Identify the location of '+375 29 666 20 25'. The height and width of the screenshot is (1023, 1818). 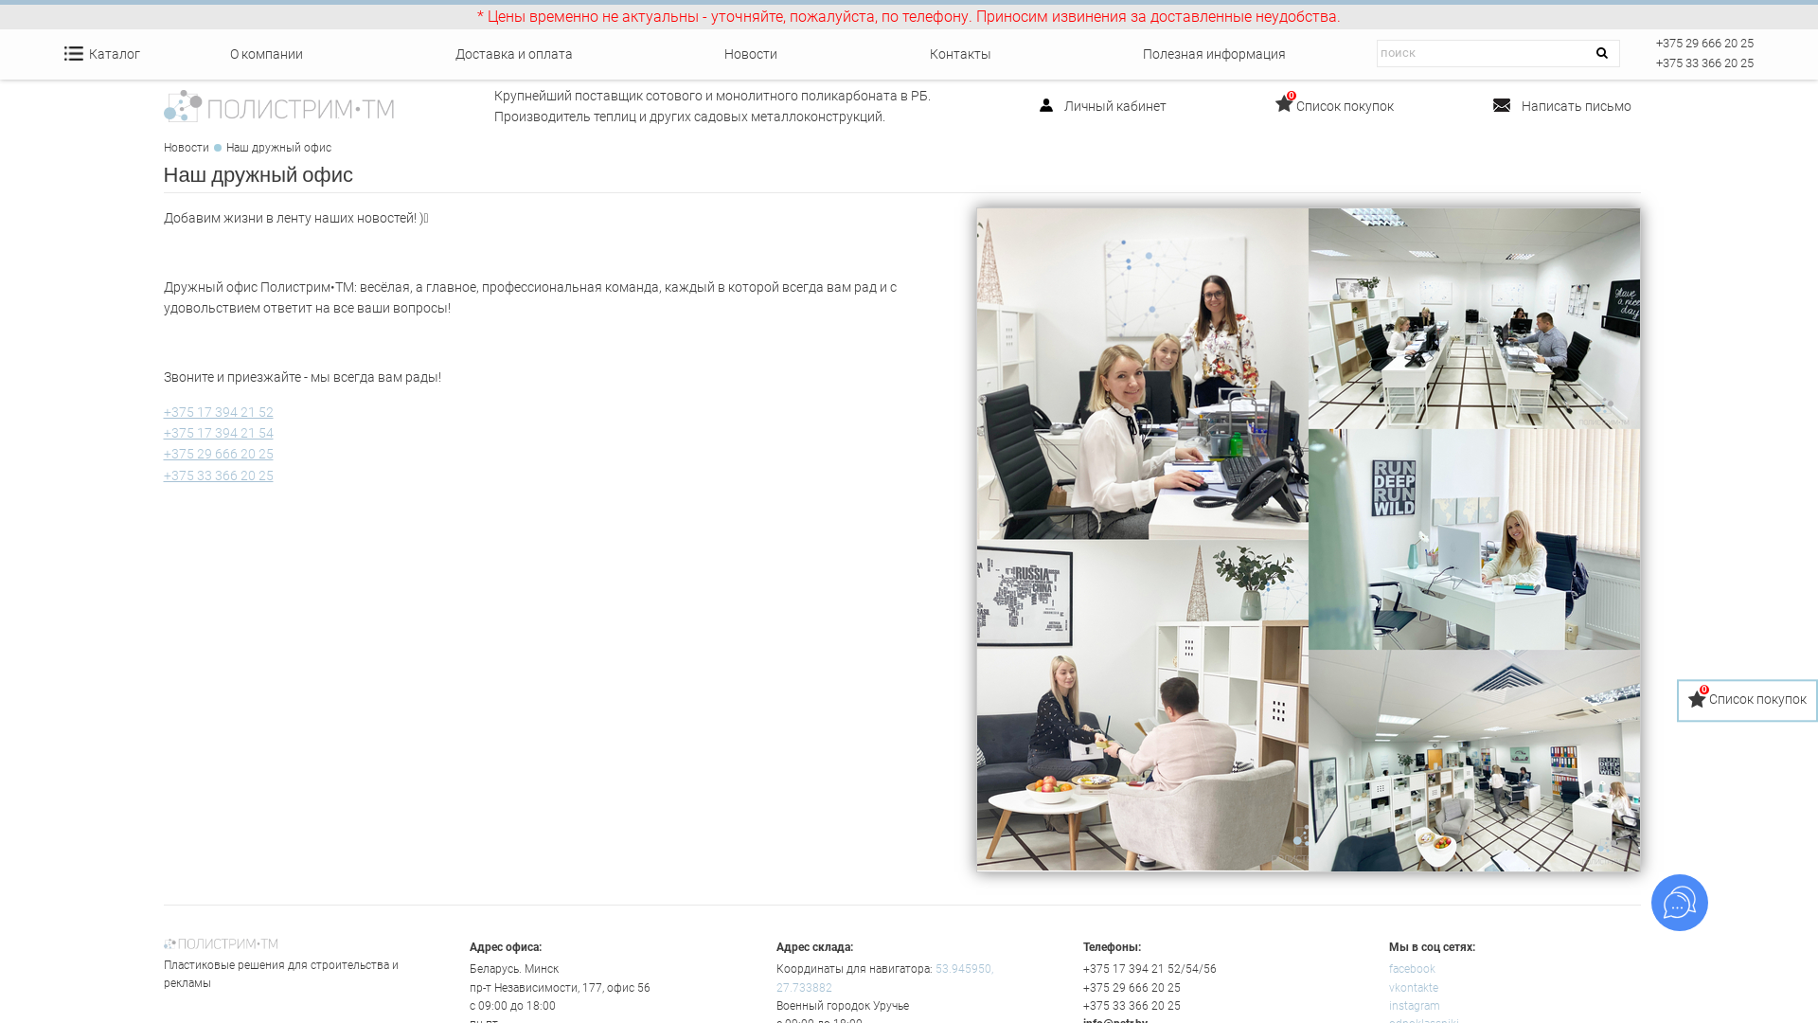
(218, 453).